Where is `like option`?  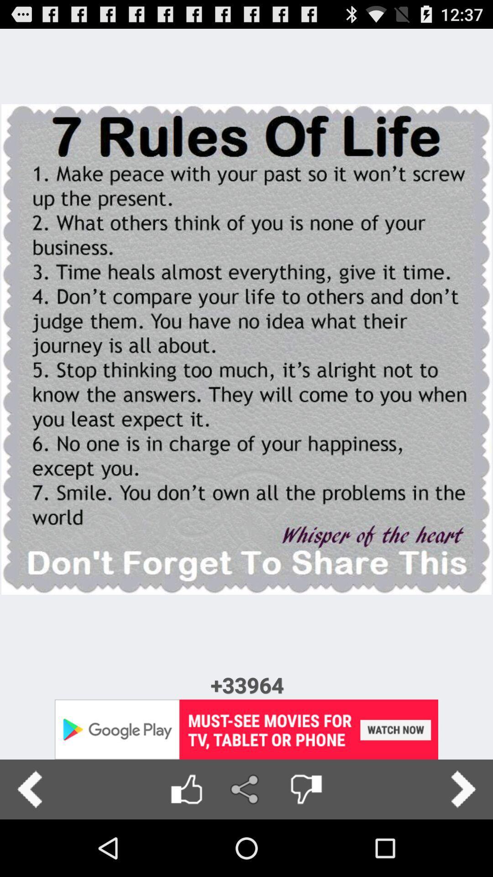 like option is located at coordinates (186, 789).